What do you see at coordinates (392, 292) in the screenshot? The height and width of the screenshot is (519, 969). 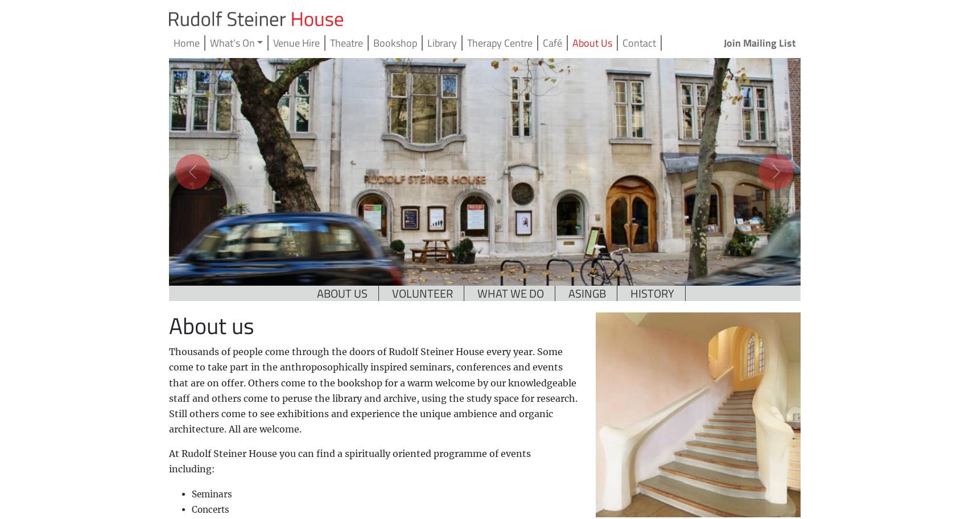 I see `'VOLUNTEER'` at bounding box center [392, 292].